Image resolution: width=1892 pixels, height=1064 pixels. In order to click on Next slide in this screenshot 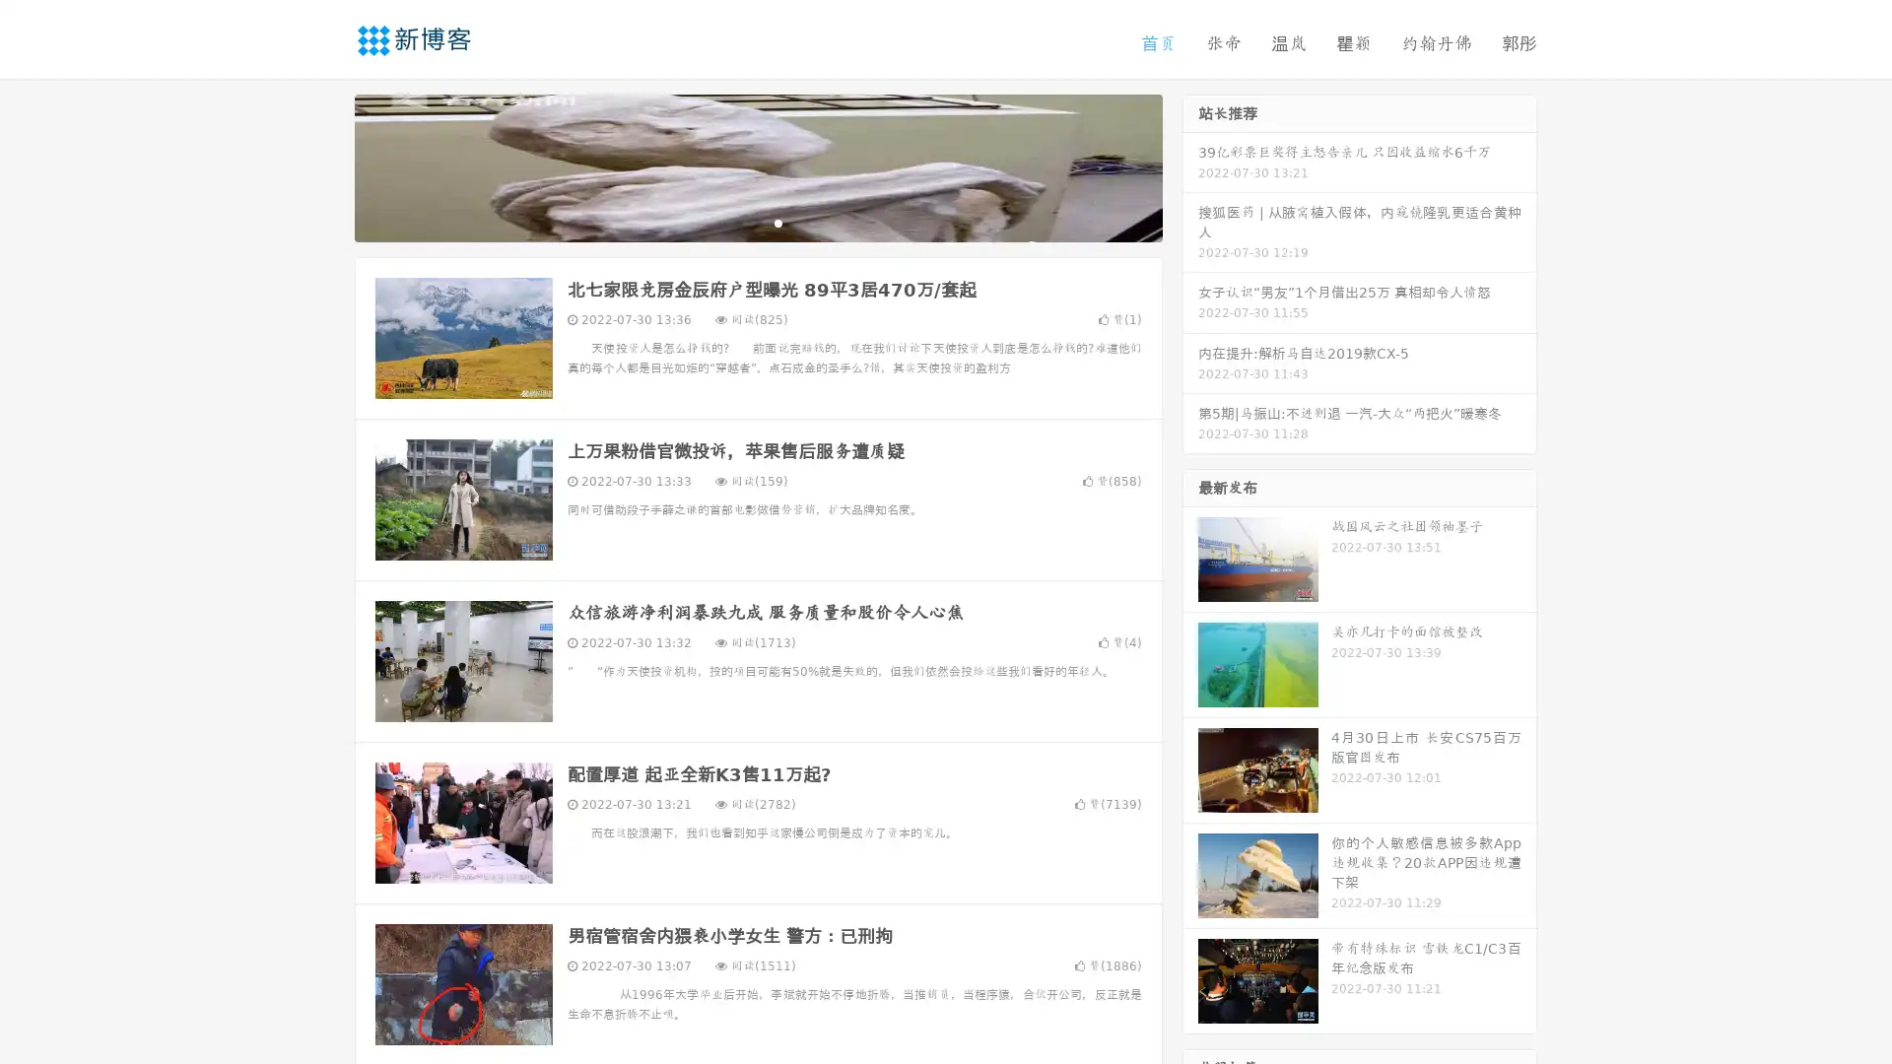, I will do `click(1190, 166)`.